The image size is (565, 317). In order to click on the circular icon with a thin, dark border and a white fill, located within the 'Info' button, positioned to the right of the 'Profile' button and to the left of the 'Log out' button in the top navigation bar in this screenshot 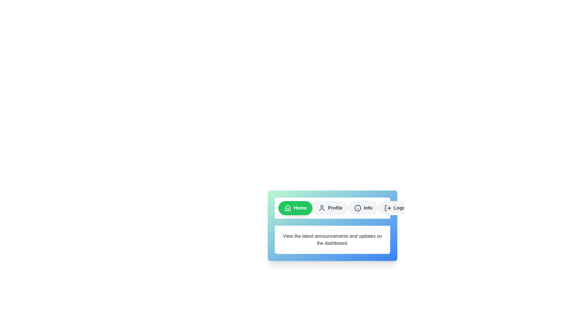, I will do `click(358, 208)`.